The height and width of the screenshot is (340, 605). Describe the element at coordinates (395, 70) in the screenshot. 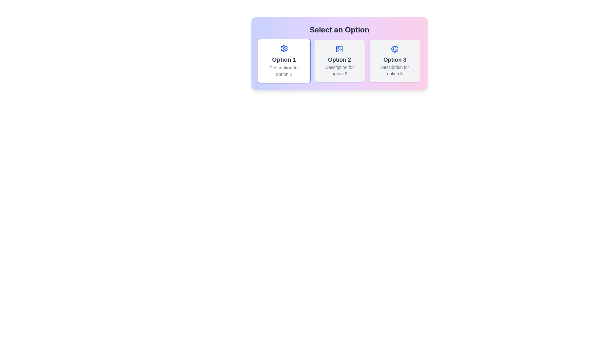

I see `the descriptive text element located below 'Option 3' in the selection menu` at that location.